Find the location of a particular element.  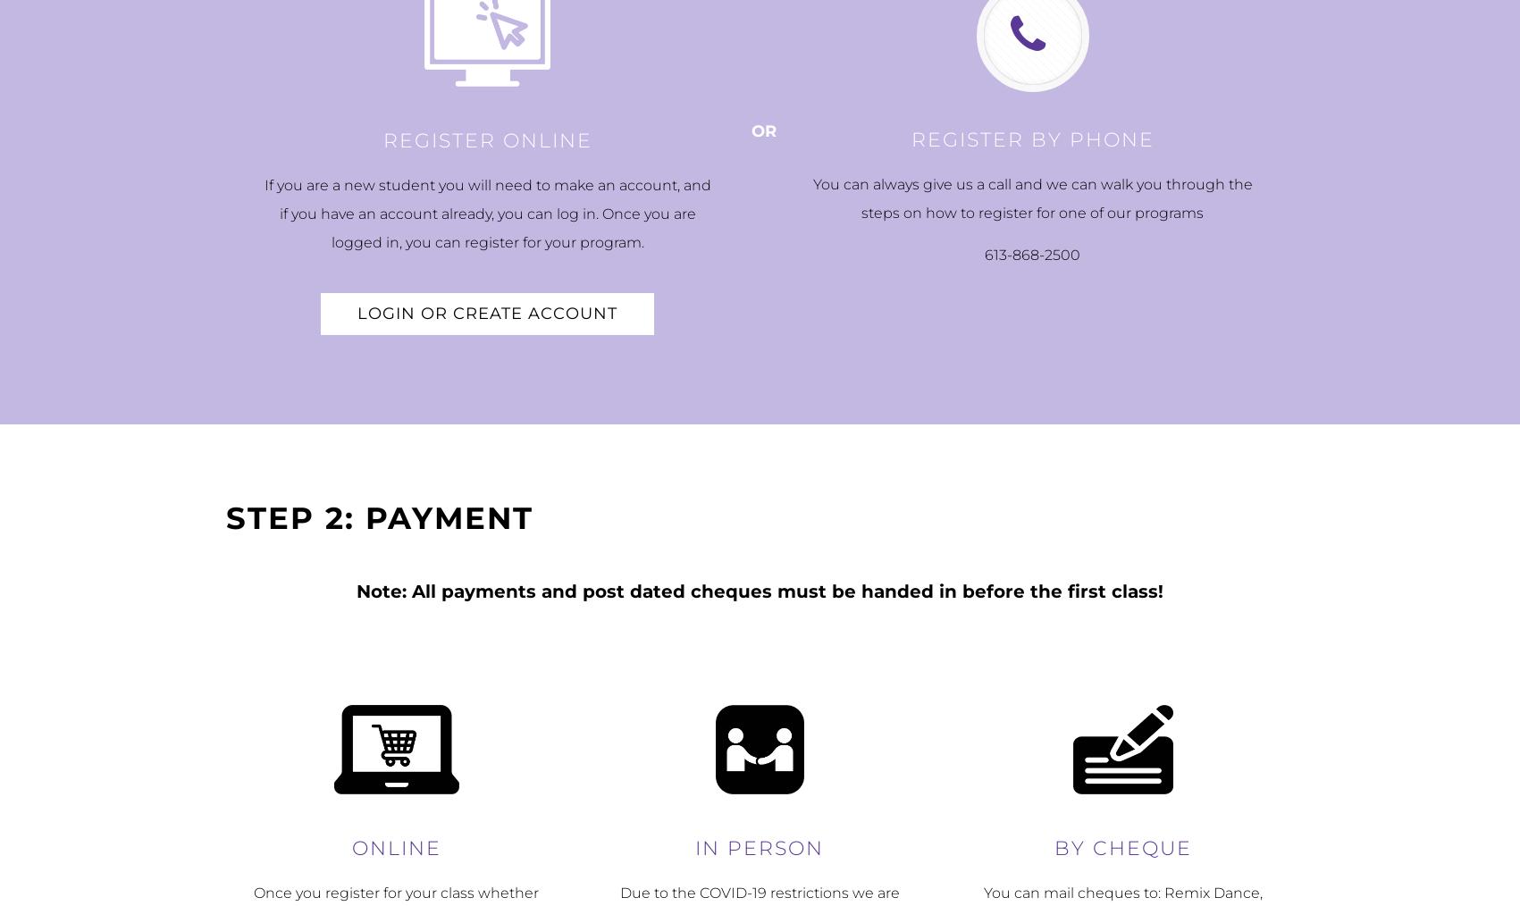

'Step 2: Payment' is located at coordinates (378, 517).